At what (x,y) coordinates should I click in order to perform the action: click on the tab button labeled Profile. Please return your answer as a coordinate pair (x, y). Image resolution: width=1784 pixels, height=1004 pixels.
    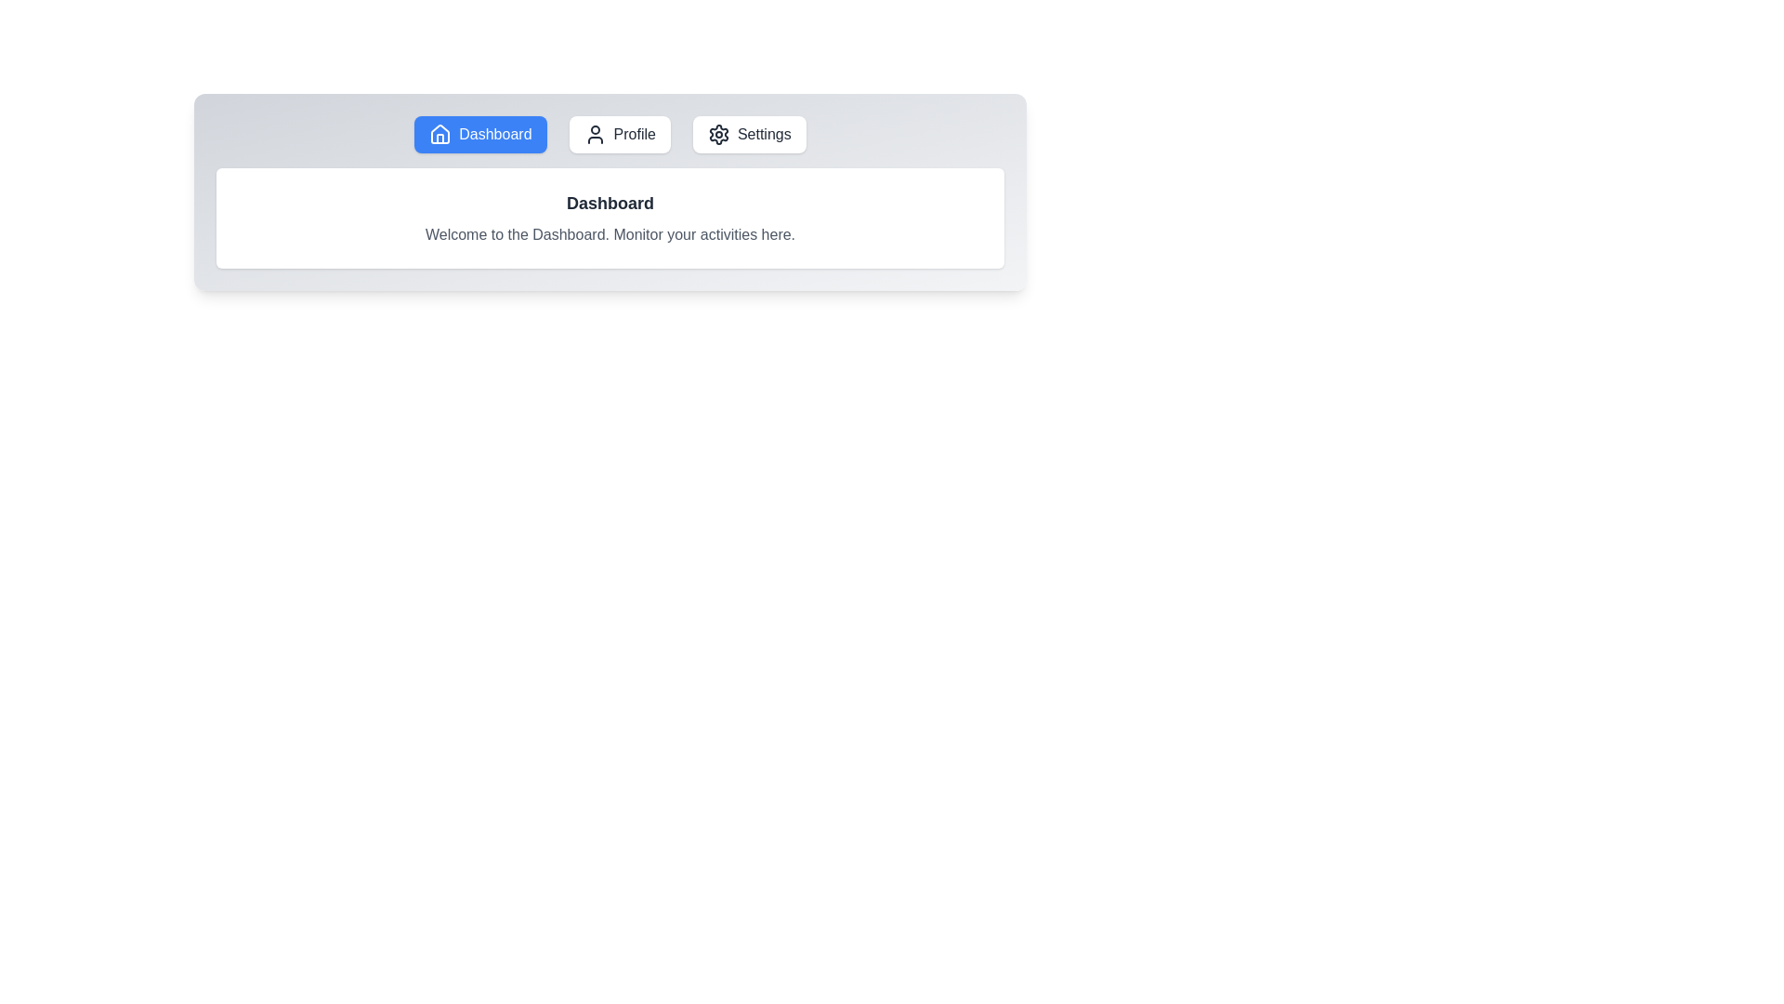
    Looking at the image, I should click on (620, 134).